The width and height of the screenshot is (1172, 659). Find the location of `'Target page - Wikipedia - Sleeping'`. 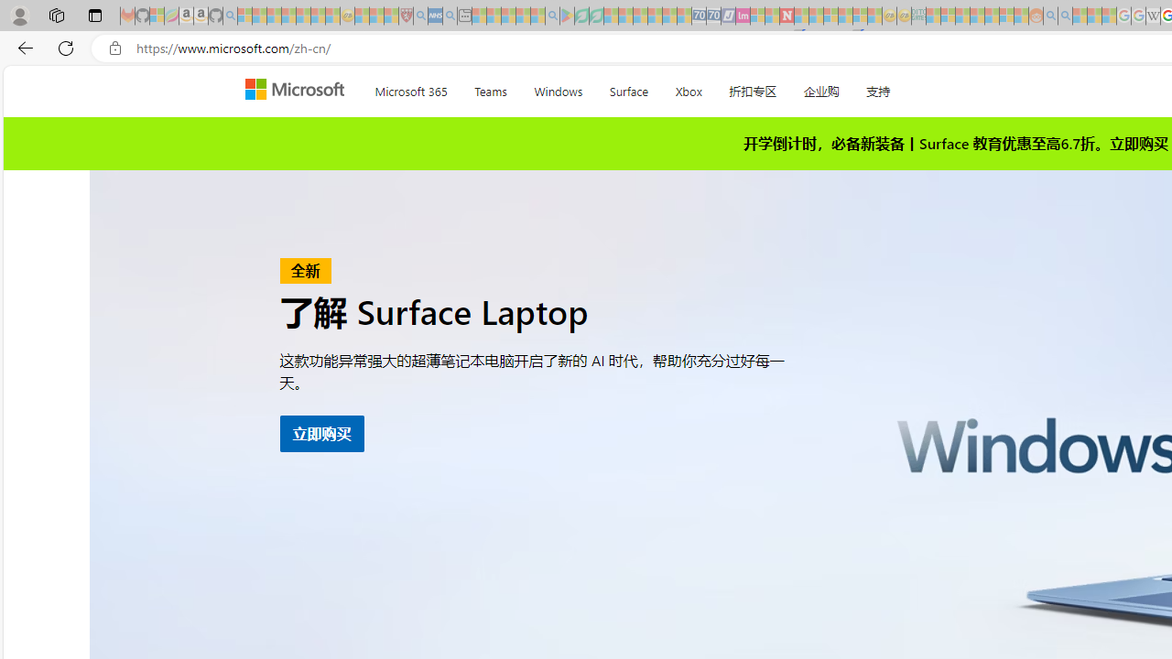

'Target page - Wikipedia - Sleeping' is located at coordinates (1152, 16).